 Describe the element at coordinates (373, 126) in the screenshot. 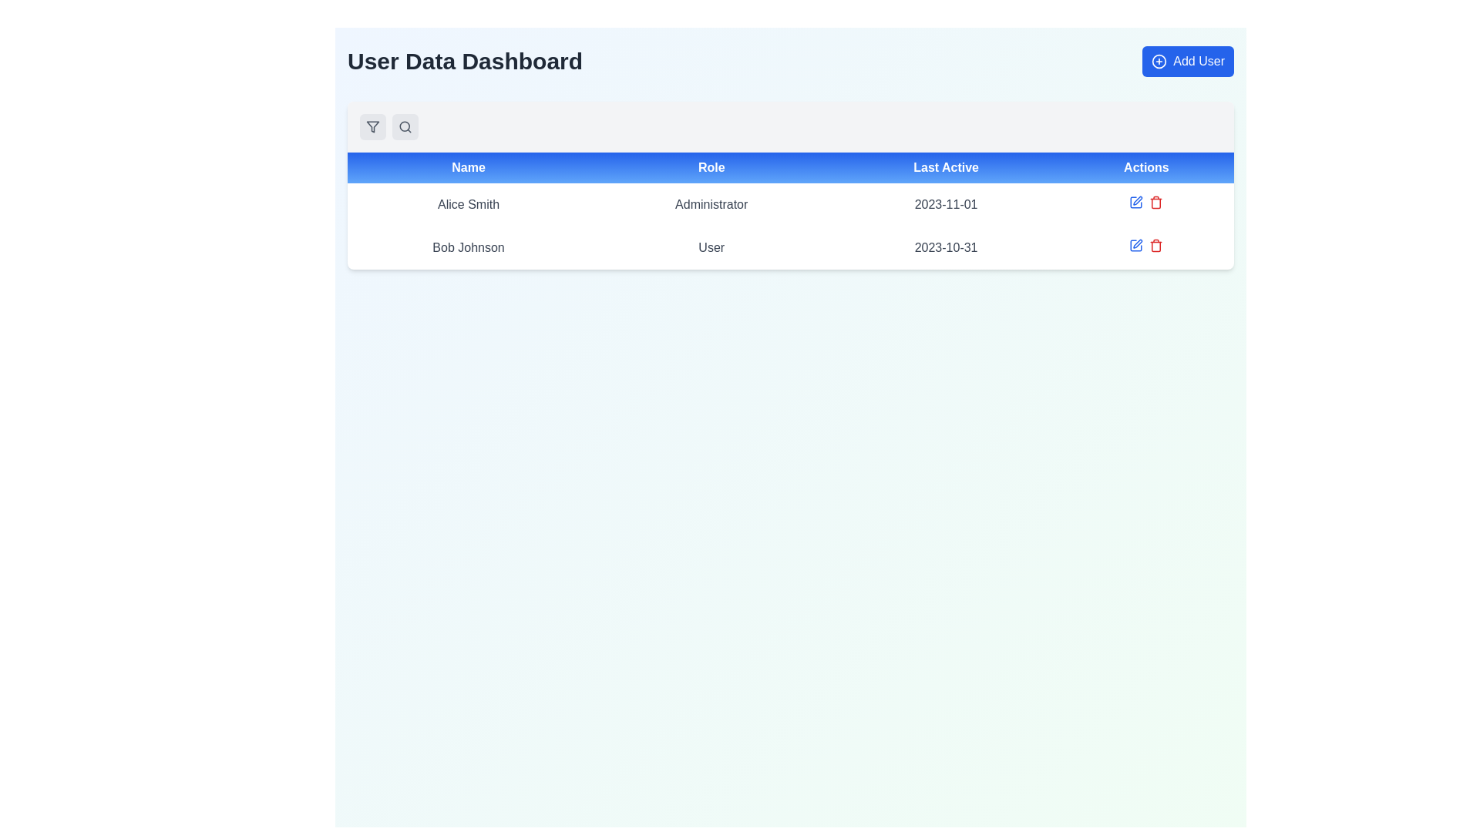

I see `the filter icon located in the top-left section of the interface, adjacent to a magnifying glass icon` at that location.